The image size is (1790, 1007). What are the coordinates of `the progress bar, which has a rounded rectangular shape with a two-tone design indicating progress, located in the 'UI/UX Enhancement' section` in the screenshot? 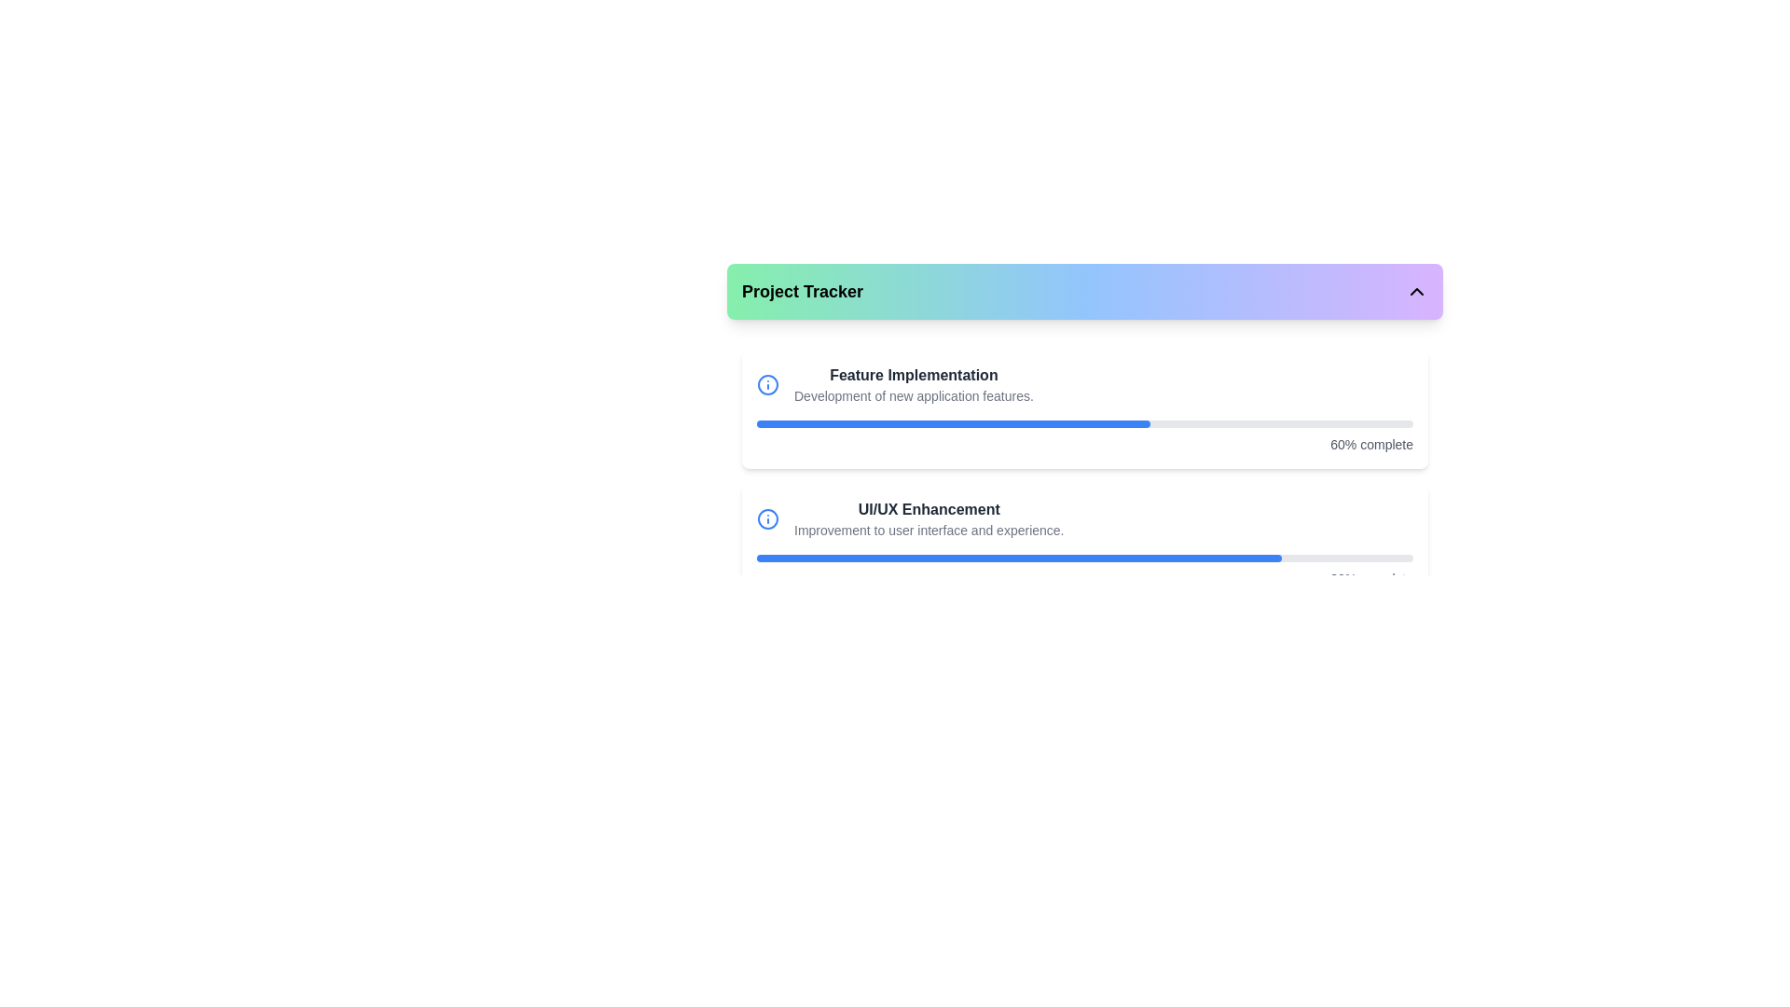 It's located at (1084, 557).